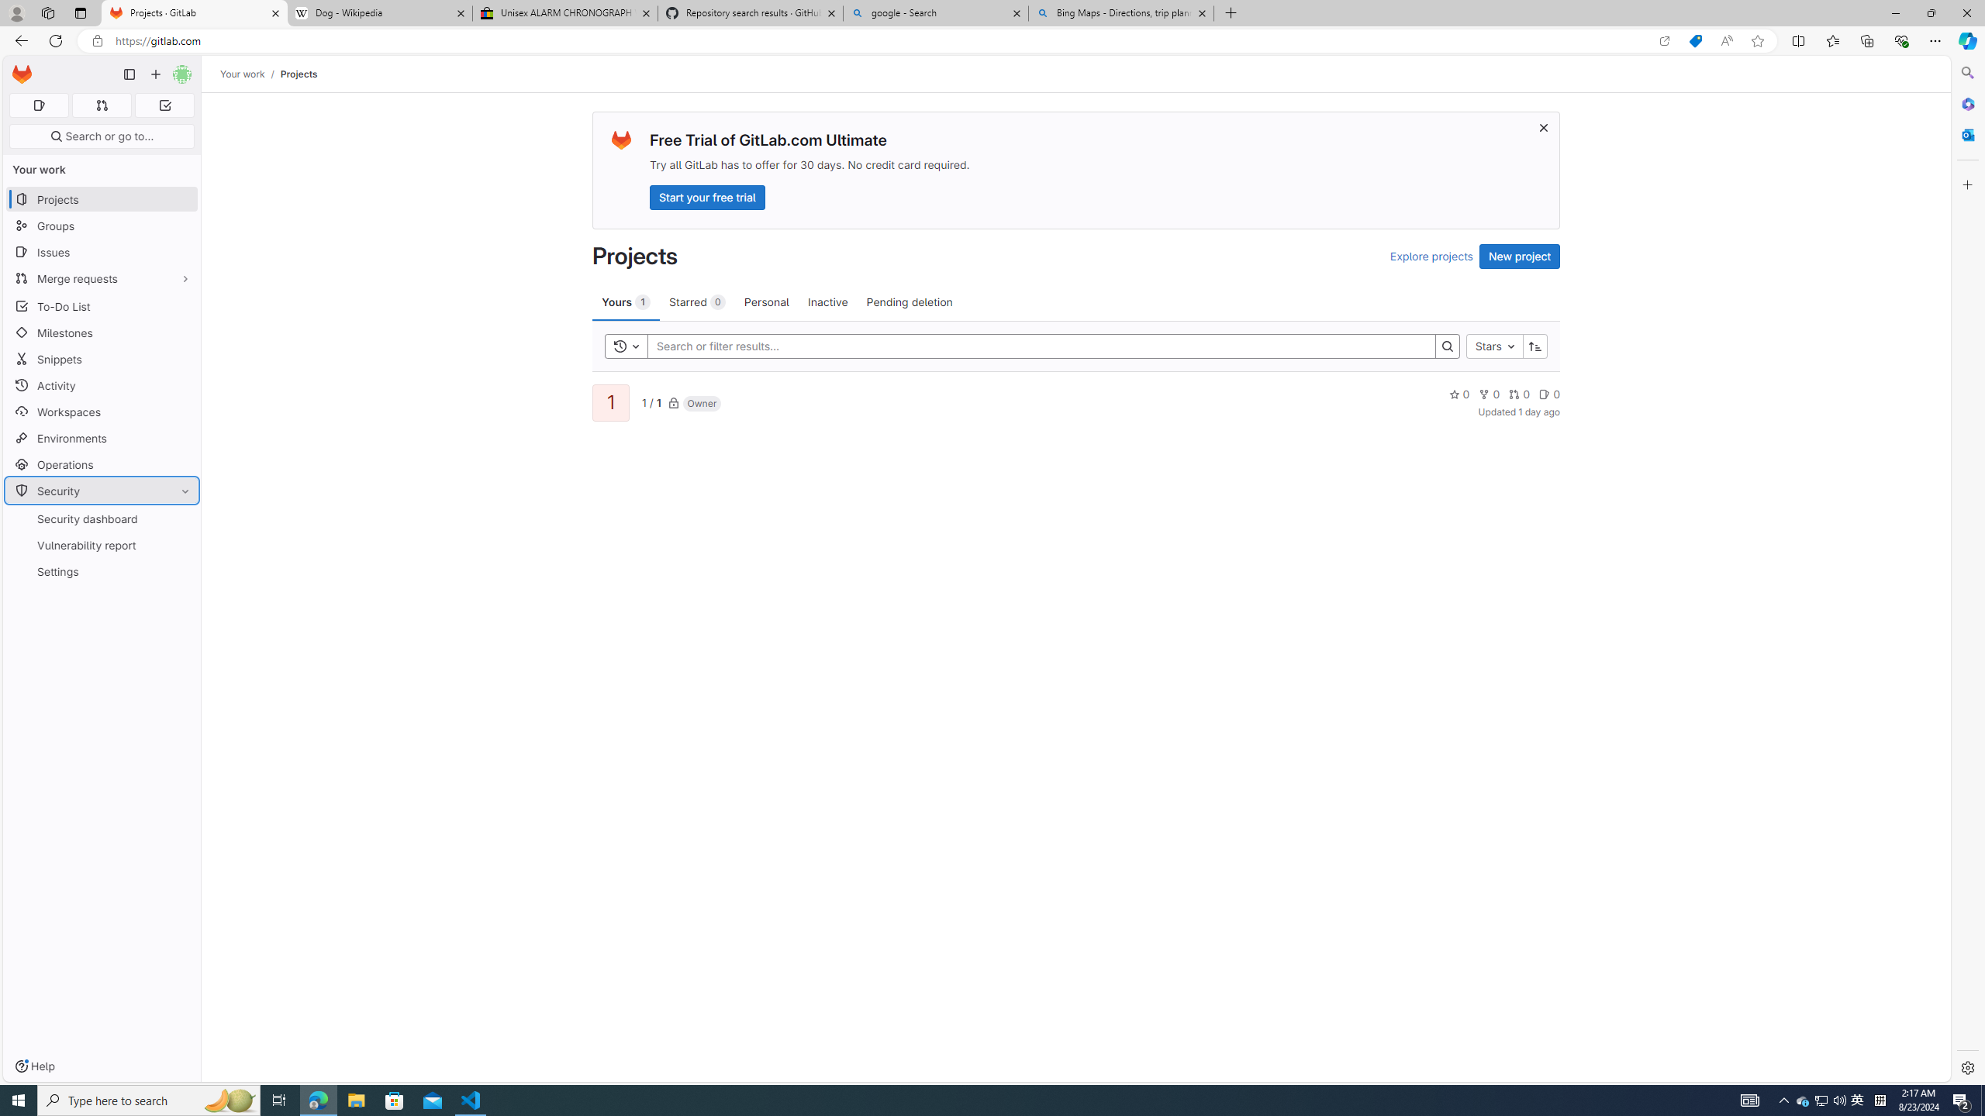  What do you see at coordinates (101, 252) in the screenshot?
I see `'Issues'` at bounding box center [101, 252].